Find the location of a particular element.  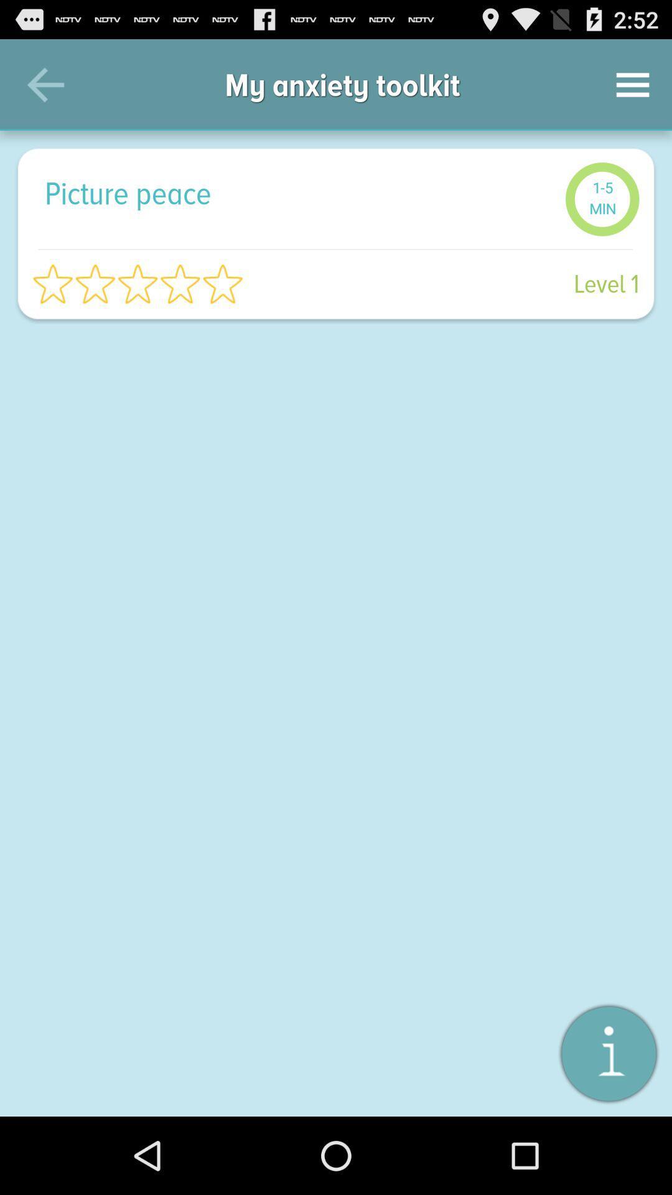

the icon to the right of the picture peace item is located at coordinates (602, 199).